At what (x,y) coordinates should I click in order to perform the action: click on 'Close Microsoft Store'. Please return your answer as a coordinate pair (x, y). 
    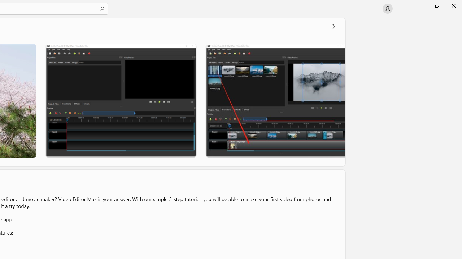
    Looking at the image, I should click on (453, 5).